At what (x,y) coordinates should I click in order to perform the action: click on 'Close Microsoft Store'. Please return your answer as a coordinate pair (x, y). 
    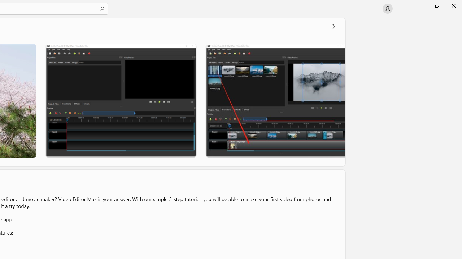
    Looking at the image, I should click on (453, 5).